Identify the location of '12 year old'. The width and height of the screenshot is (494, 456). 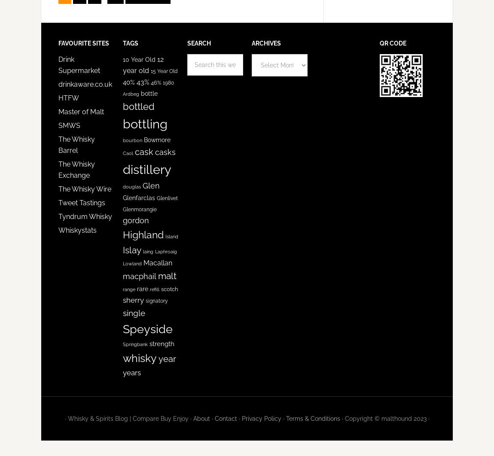
(122, 65).